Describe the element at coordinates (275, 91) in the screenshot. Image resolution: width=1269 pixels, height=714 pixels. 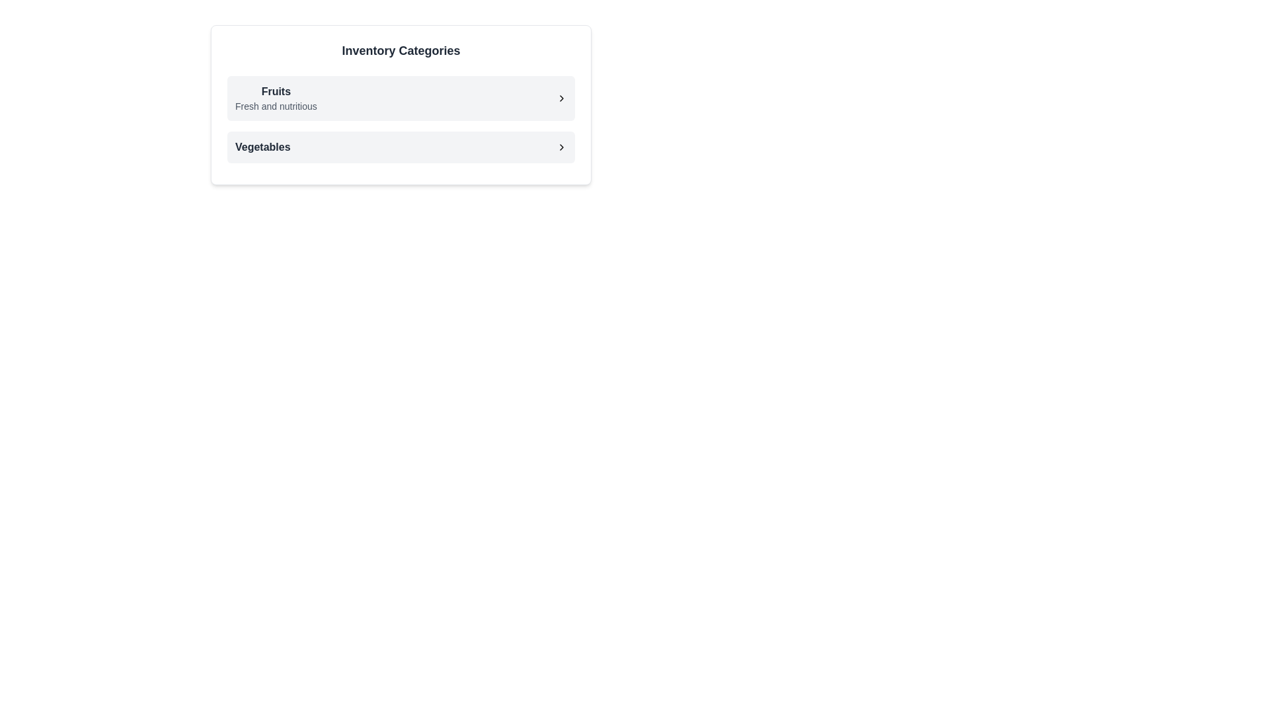
I see `the bold text label 'Fruits' that is positioned at the top of the list item in the vertical list, which is distinct due to its bold font weight against a light-gray background` at that location.